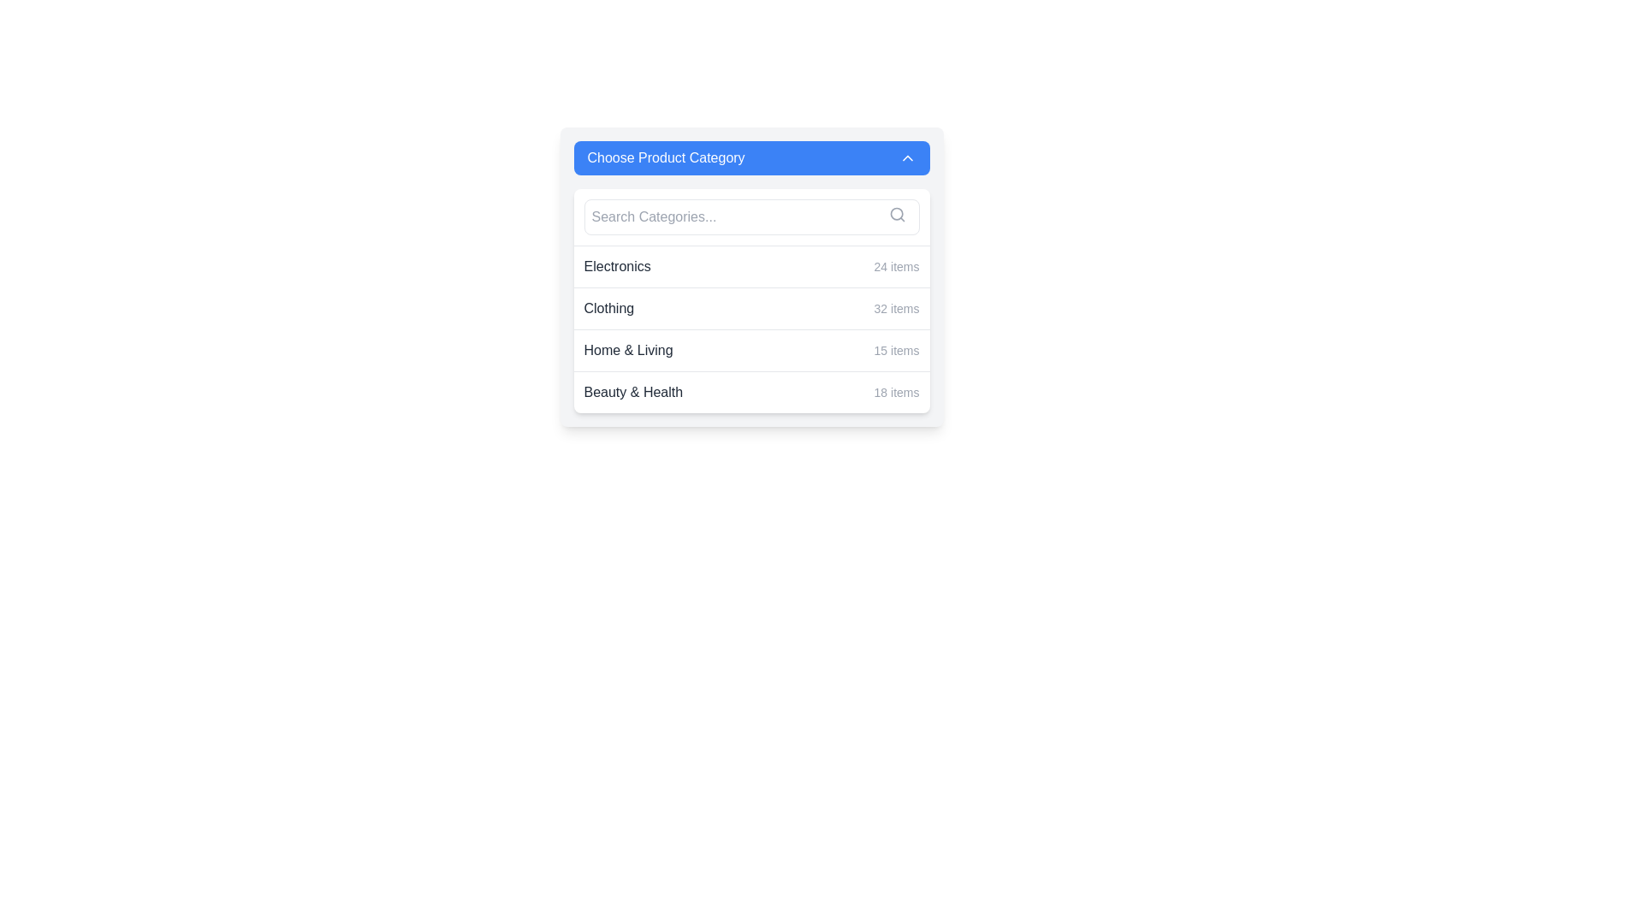 The width and height of the screenshot is (1643, 924). What do you see at coordinates (896, 213) in the screenshot?
I see `the magnifying glass icon located at the top-right corner of the search bar to initiate a search` at bounding box center [896, 213].